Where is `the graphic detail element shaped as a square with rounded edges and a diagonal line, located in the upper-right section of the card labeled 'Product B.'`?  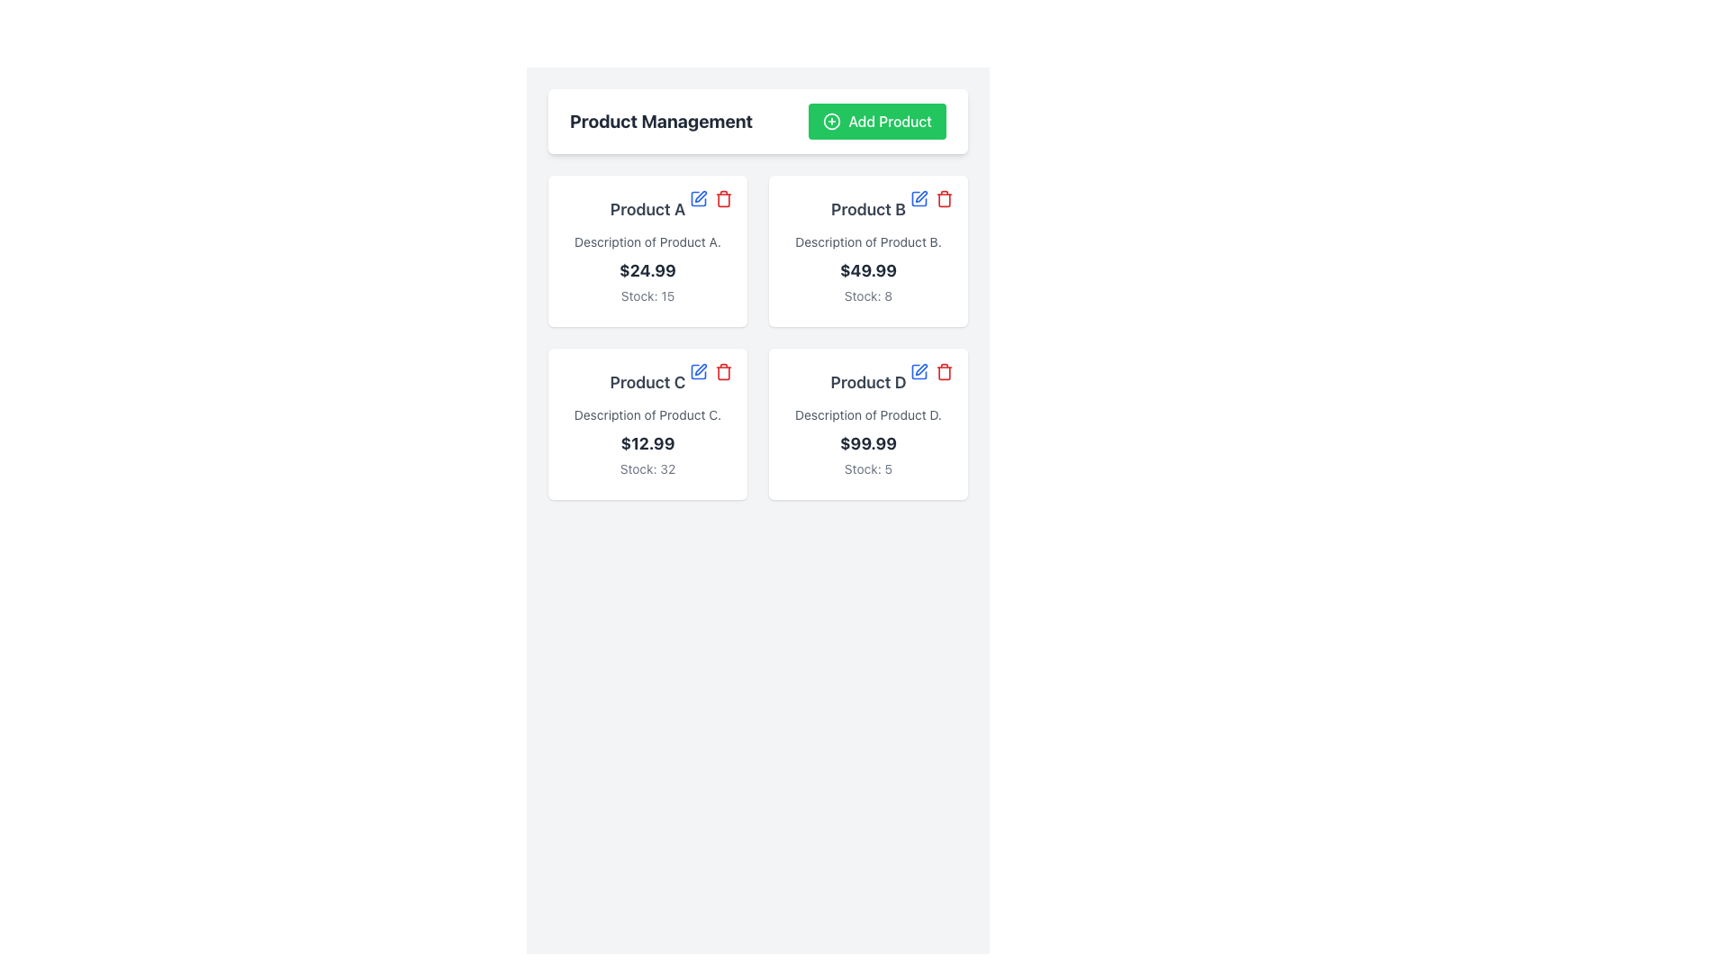 the graphic detail element shaped as a square with rounded edges and a diagonal line, located in the upper-right section of the card labeled 'Product B.' is located at coordinates (919, 198).